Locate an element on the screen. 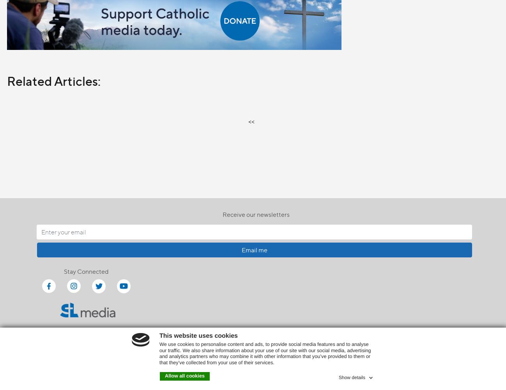 The image size is (506, 390). 'Receive our newsletters' is located at coordinates (255, 214).